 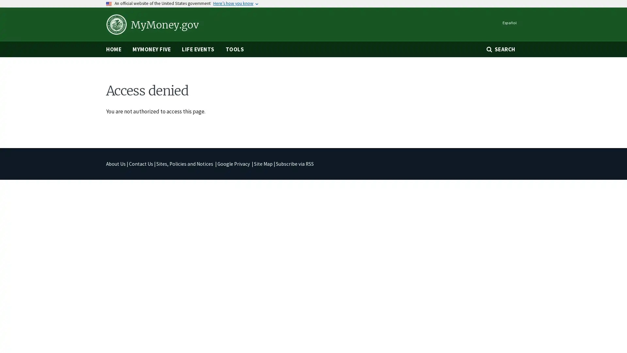 I want to click on Heres how you know, so click(x=233, y=4).